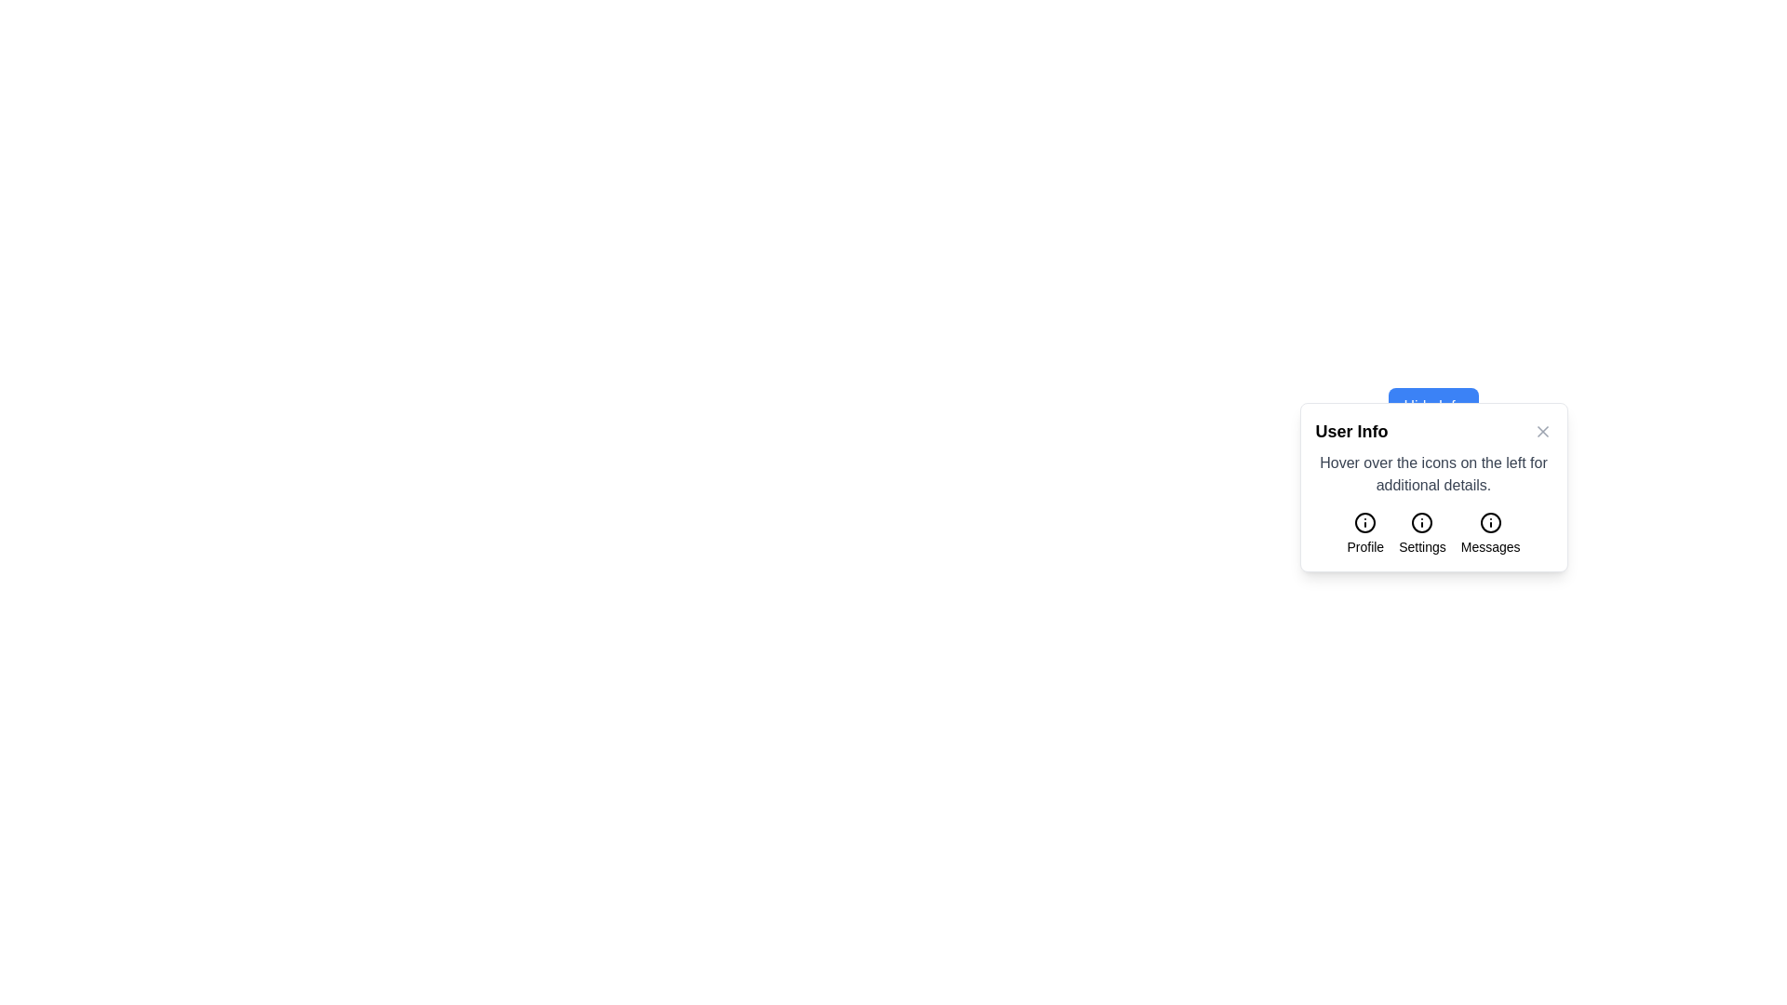  What do you see at coordinates (1490, 534) in the screenshot?
I see `the labeled icon component with an exclamation mark symbol and the text label 'Messages'` at bounding box center [1490, 534].